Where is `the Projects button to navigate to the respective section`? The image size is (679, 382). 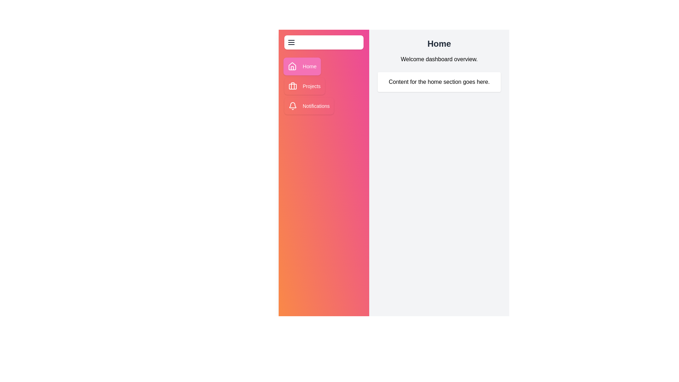 the Projects button to navigate to the respective section is located at coordinates (304, 86).